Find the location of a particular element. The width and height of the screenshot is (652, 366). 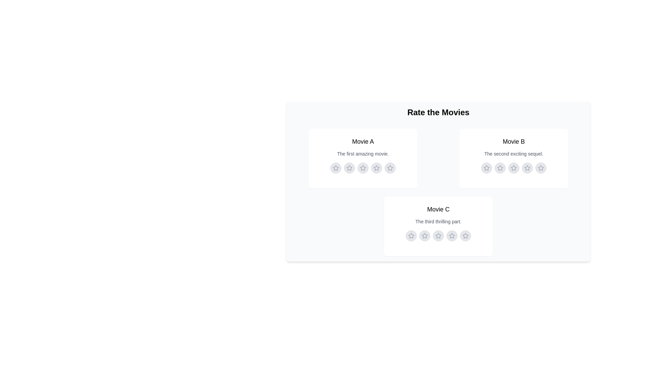

the fourth star icon in the horizontal row of five stars under the 'Movie B' rating section is located at coordinates (527, 168).